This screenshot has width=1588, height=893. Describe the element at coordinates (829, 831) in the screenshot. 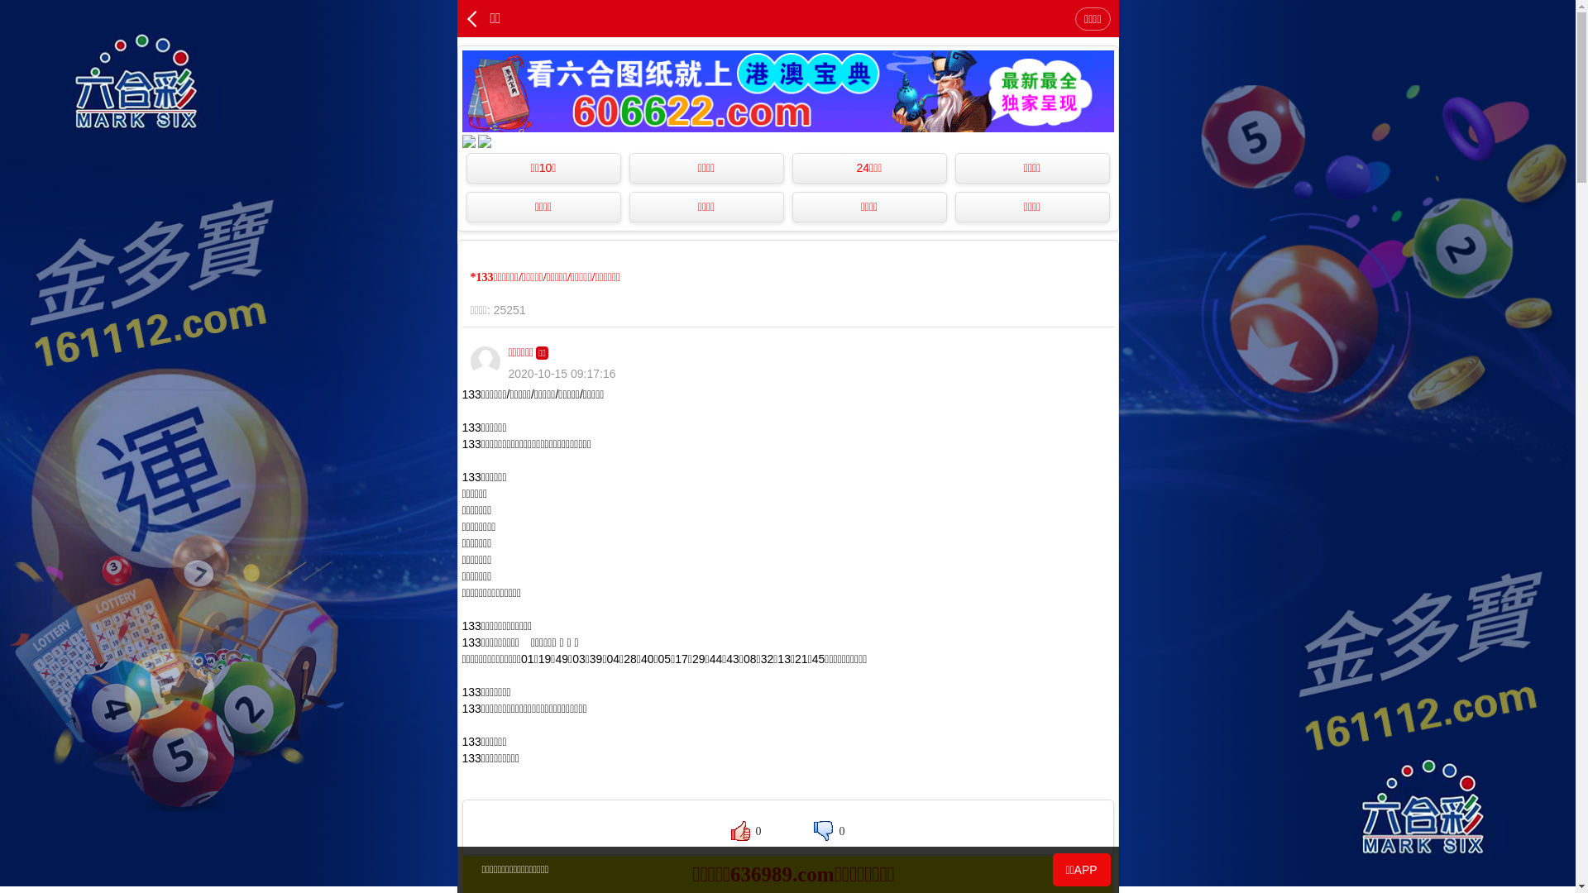

I see `'0'` at that location.